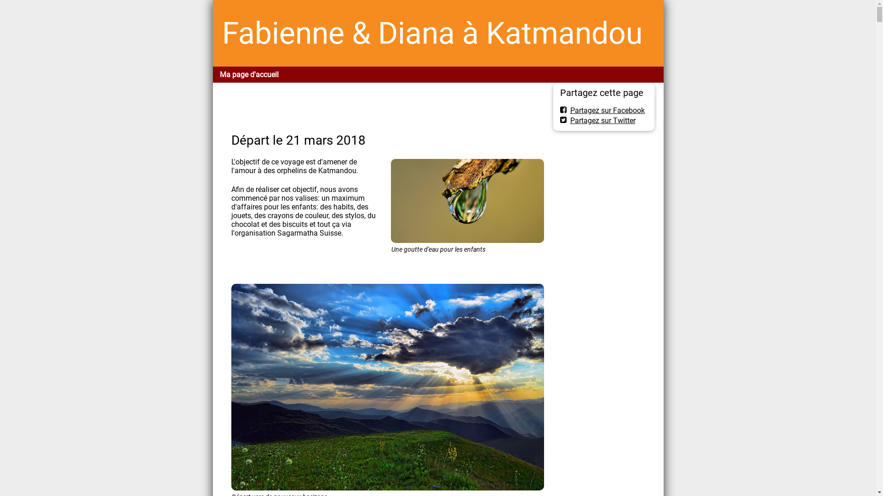 The image size is (883, 496). Describe the element at coordinates (560, 119) in the screenshot. I see `'Partagez sur Twitter'` at that location.